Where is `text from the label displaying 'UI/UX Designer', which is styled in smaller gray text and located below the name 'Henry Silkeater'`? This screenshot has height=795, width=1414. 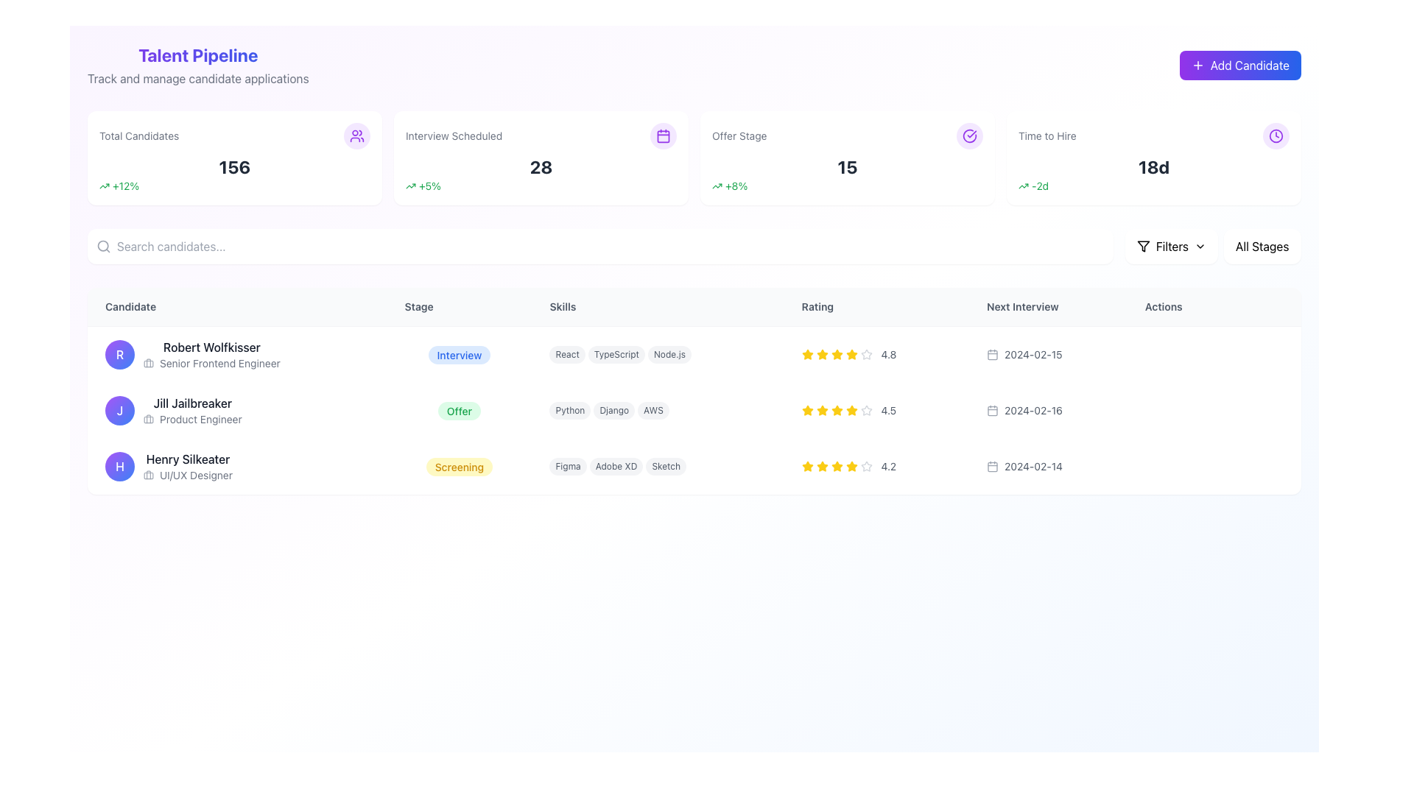 text from the label displaying 'UI/UX Designer', which is styled in smaller gray text and located below the name 'Henry Silkeater' is located at coordinates (187, 475).